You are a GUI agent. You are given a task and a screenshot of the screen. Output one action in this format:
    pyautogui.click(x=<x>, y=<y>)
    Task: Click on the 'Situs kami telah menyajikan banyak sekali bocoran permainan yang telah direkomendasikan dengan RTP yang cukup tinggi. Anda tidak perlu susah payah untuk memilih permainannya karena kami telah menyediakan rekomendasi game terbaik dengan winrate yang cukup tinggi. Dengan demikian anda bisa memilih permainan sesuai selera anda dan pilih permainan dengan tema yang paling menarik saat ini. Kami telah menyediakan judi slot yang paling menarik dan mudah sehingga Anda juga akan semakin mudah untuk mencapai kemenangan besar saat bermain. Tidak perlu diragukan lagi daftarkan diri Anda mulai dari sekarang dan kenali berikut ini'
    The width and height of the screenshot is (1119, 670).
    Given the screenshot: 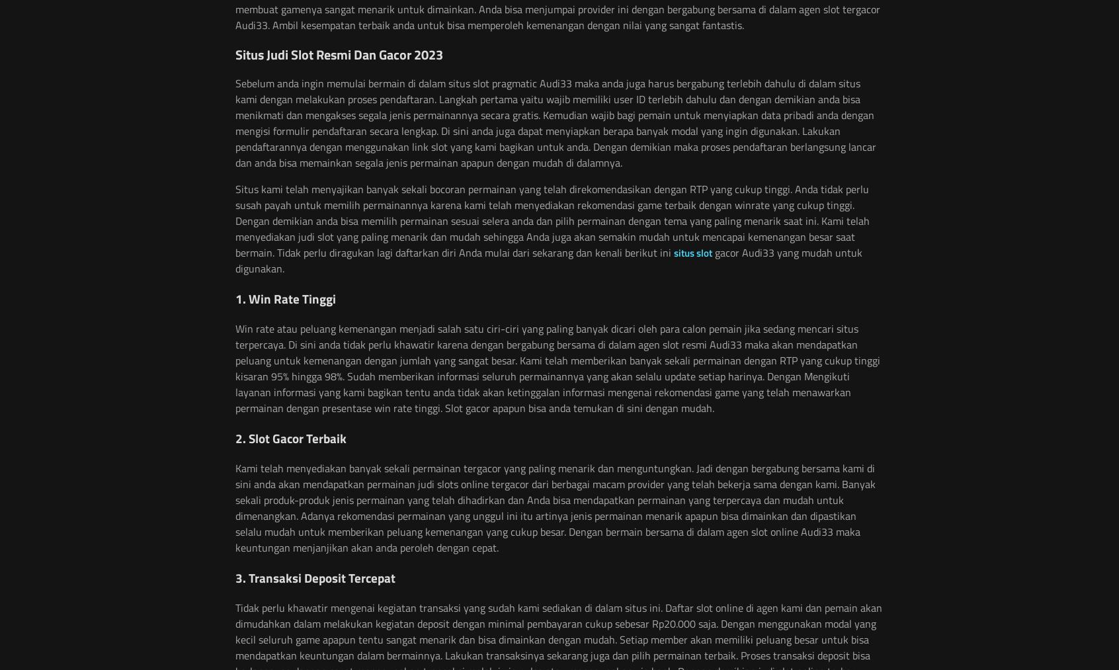 What is the action you would take?
    pyautogui.click(x=552, y=220)
    